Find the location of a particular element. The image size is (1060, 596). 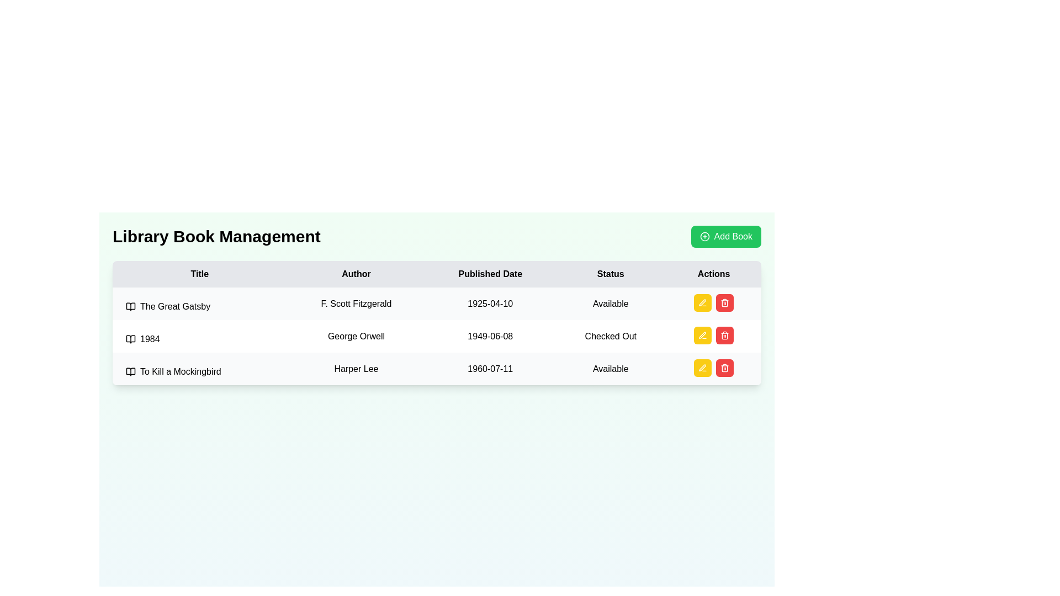

the Text Display element that shows 'George Orwell' in the second row of the table's 'Author' column is located at coordinates (356, 336).